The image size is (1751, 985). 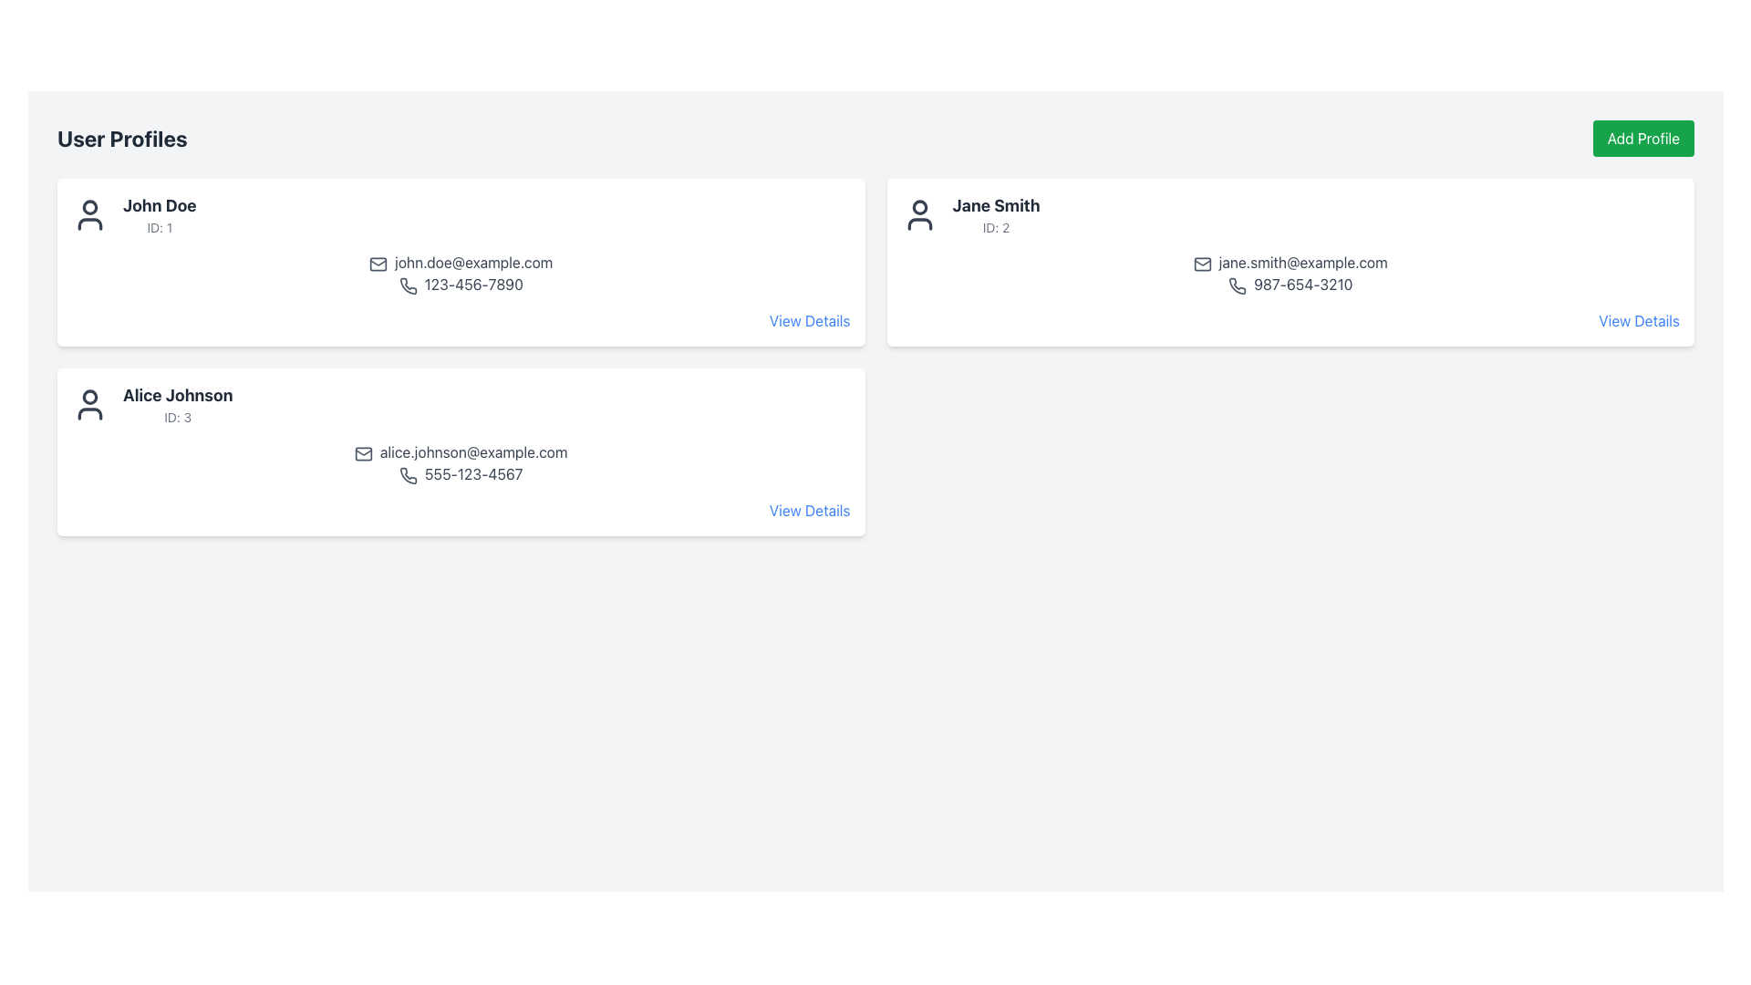 I want to click on the email address 'john.doe@example.com' or the phone number '123-456-7890' located in the first profile card of user 'John Doe' for potential interactions, so click(x=461, y=274).